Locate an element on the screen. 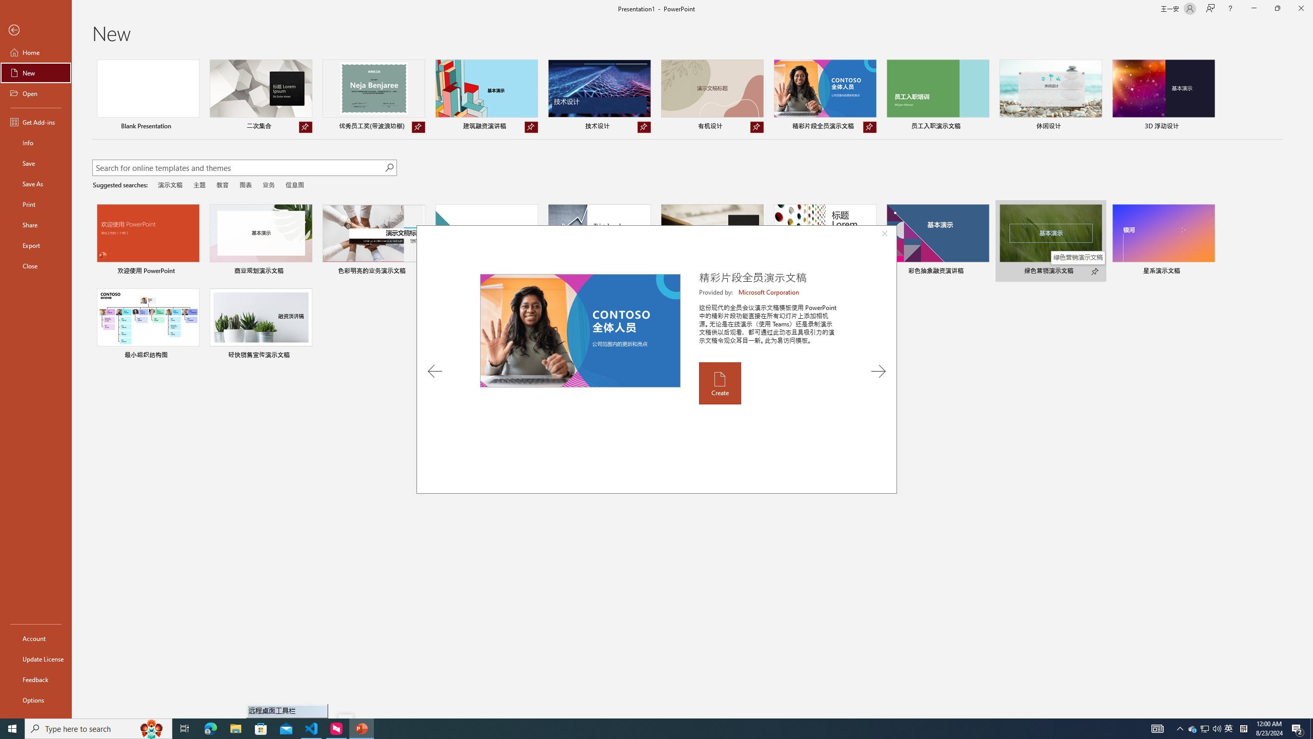  'Export' is located at coordinates (35, 245).